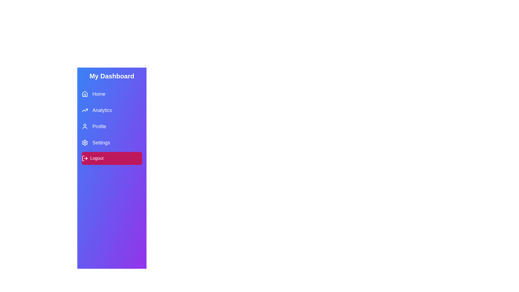  Describe the element at coordinates (84, 110) in the screenshot. I see `the icon depicting an upward trending graph line with an arrow, located next to the 'Analytics' text label` at that location.